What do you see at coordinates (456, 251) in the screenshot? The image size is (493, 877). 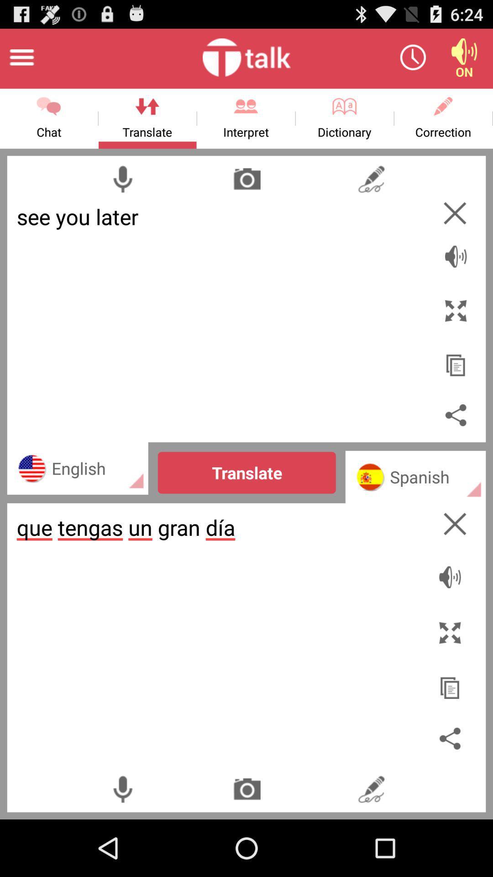 I see `speak` at bounding box center [456, 251].